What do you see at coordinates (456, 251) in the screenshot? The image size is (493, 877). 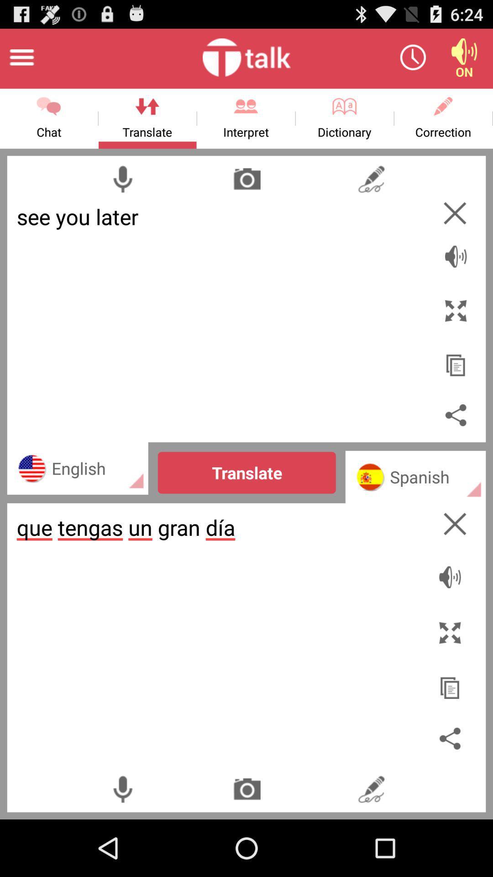 I see `speak` at bounding box center [456, 251].